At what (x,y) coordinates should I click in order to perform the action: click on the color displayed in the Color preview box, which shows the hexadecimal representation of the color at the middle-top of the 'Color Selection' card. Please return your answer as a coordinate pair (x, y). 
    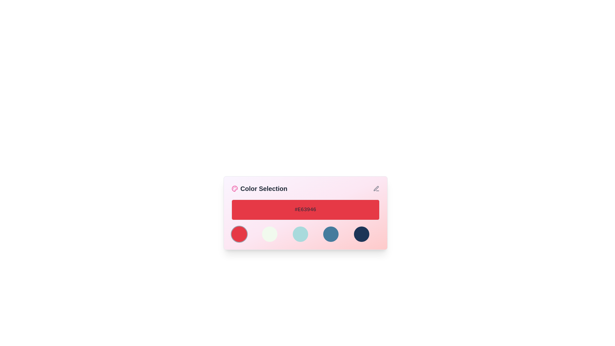
    Looking at the image, I should click on (305, 210).